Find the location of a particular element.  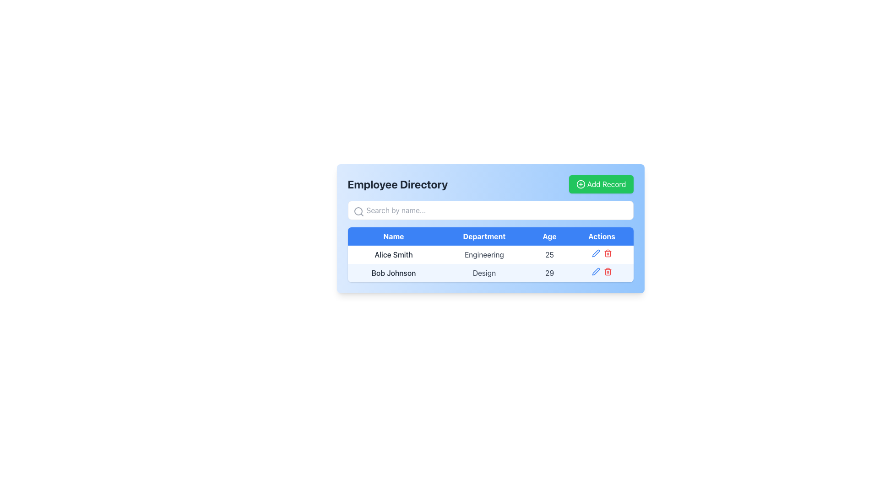

the circular icon with a '+' symbol inside, located in the top right corner of the interface, within the 'Add Record' green button is located at coordinates (580, 184).